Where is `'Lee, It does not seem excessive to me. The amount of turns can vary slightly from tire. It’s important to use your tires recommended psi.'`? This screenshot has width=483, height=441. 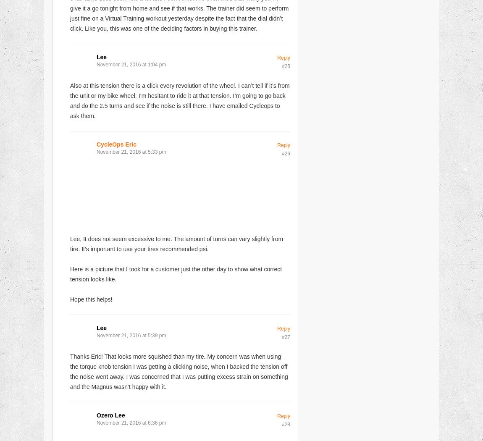 'Lee, It does not seem excessive to me. The amount of turns can vary slightly from tire. It’s important to use your tires recommended psi.' is located at coordinates (176, 243).